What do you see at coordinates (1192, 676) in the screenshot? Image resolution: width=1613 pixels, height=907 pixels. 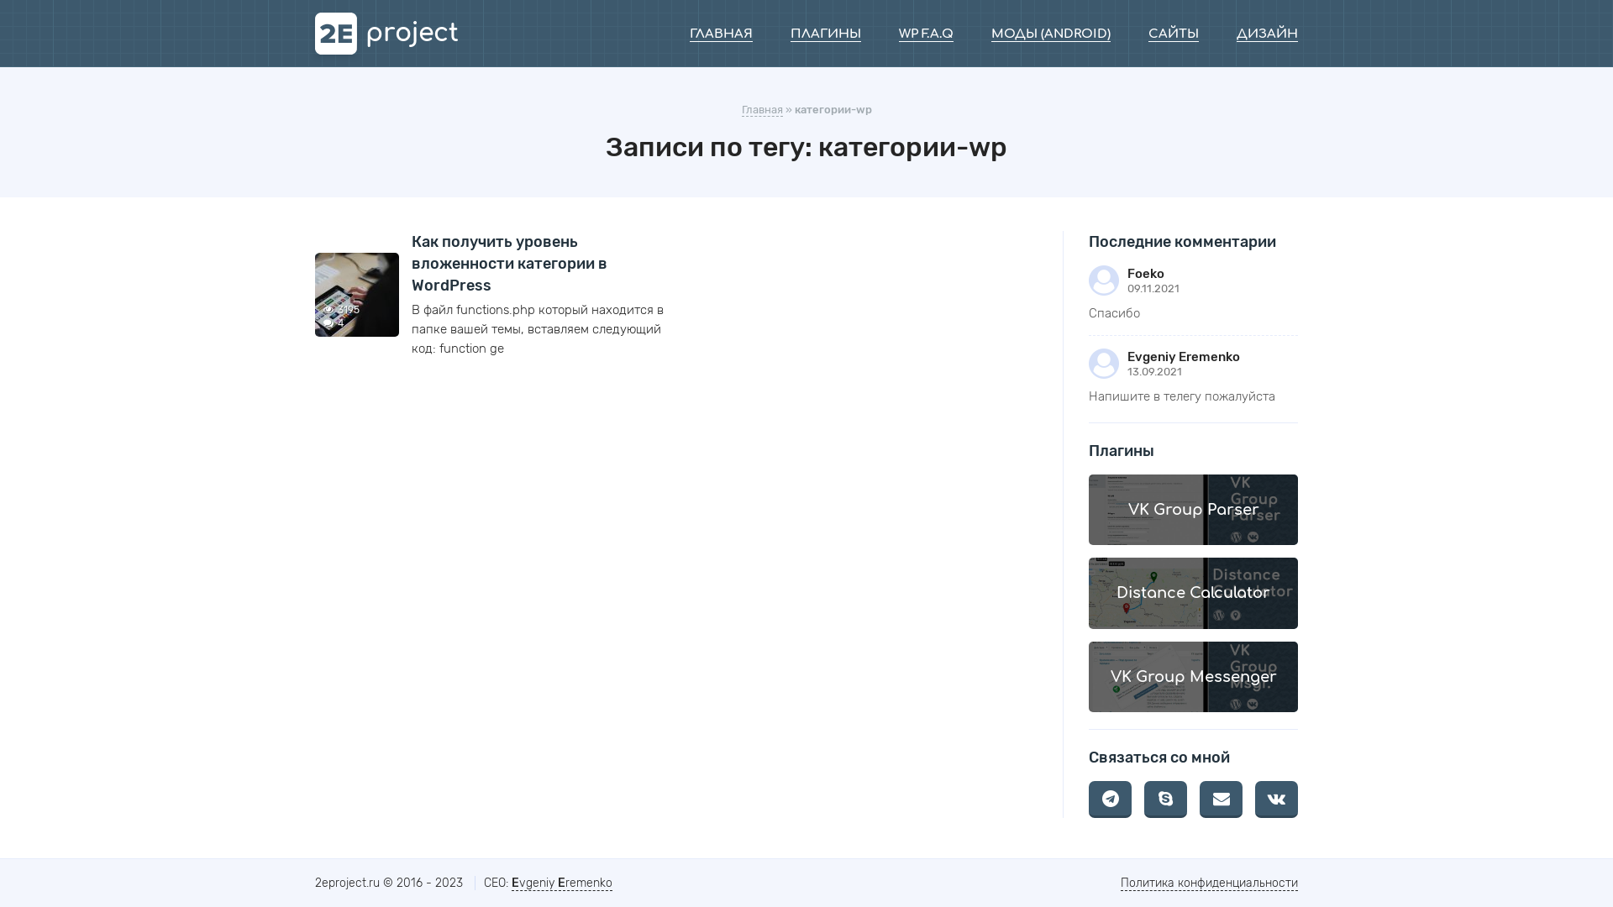 I see `'VK Group Messenger'` at bounding box center [1192, 676].